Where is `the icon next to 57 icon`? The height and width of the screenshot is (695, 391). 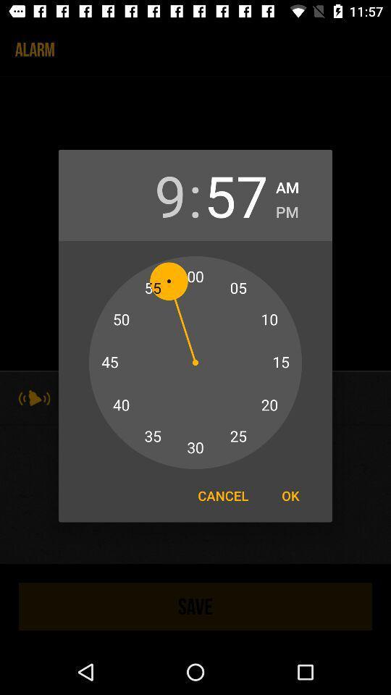 the icon next to 57 icon is located at coordinates (287, 208).